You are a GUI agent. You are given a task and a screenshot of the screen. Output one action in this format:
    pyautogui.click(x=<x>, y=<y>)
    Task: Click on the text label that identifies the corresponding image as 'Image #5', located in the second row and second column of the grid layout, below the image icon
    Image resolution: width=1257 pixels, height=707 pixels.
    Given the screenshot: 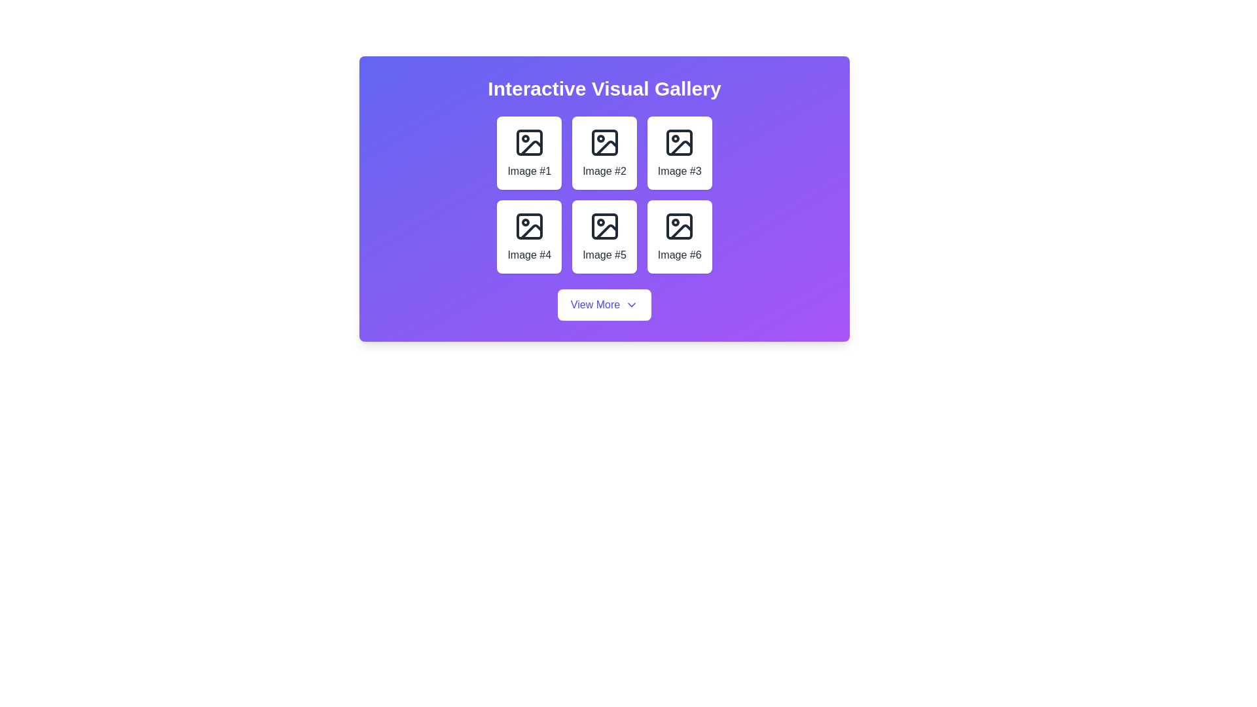 What is the action you would take?
    pyautogui.click(x=604, y=255)
    